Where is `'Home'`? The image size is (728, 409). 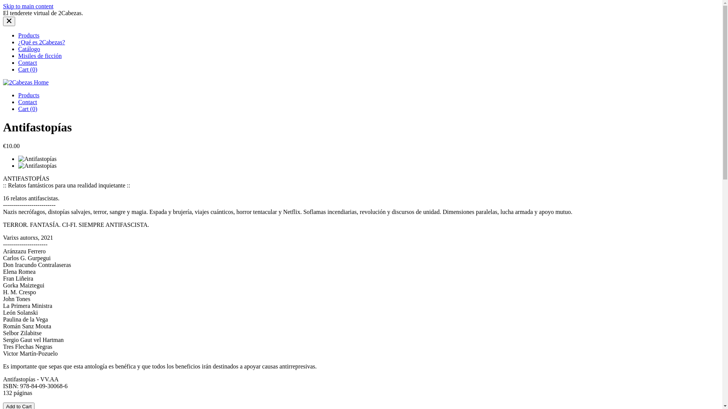
'Home' is located at coordinates (25, 82).